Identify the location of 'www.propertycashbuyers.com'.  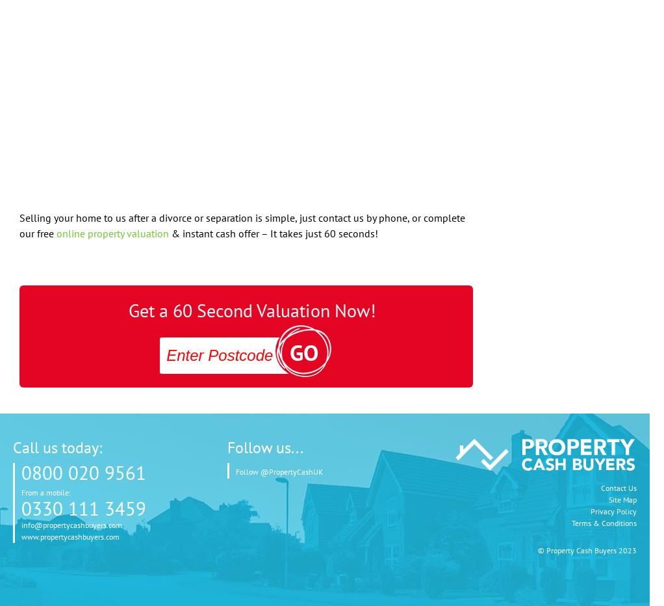
(70, 536).